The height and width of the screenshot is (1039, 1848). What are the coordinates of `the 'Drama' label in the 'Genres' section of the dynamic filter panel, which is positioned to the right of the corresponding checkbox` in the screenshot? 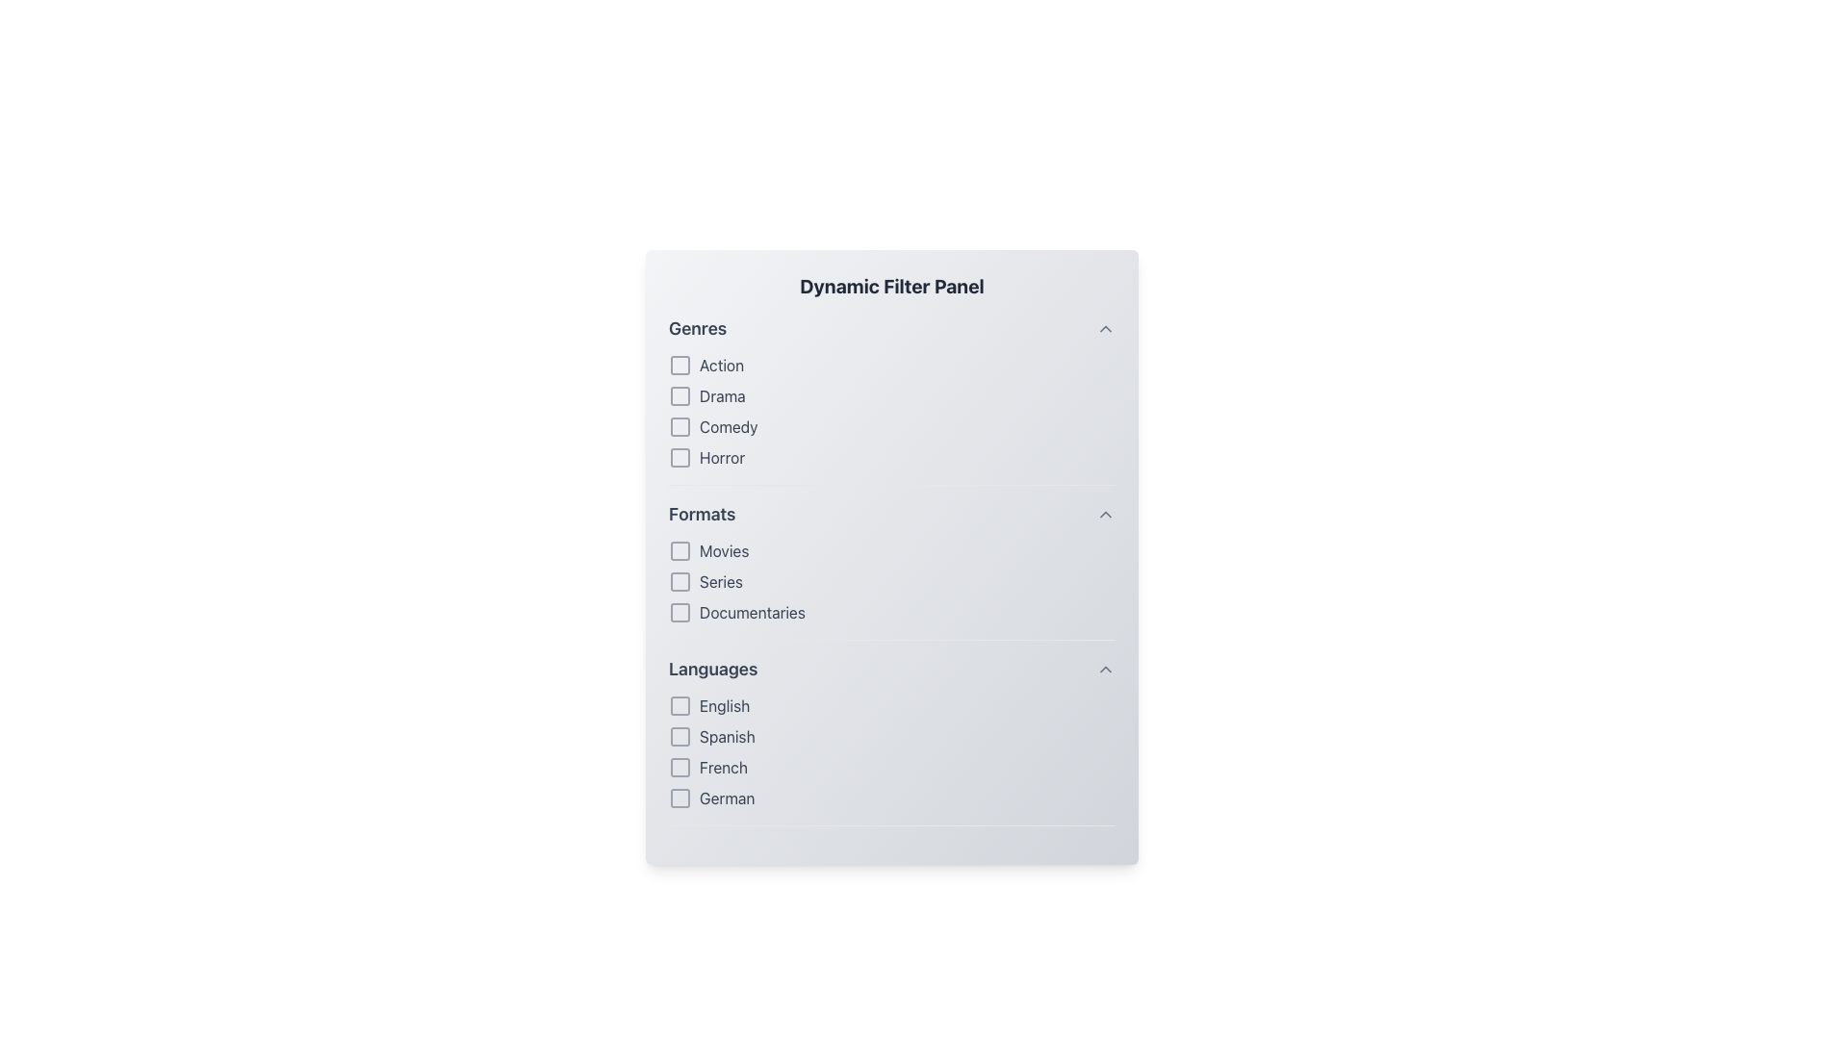 It's located at (721, 395).